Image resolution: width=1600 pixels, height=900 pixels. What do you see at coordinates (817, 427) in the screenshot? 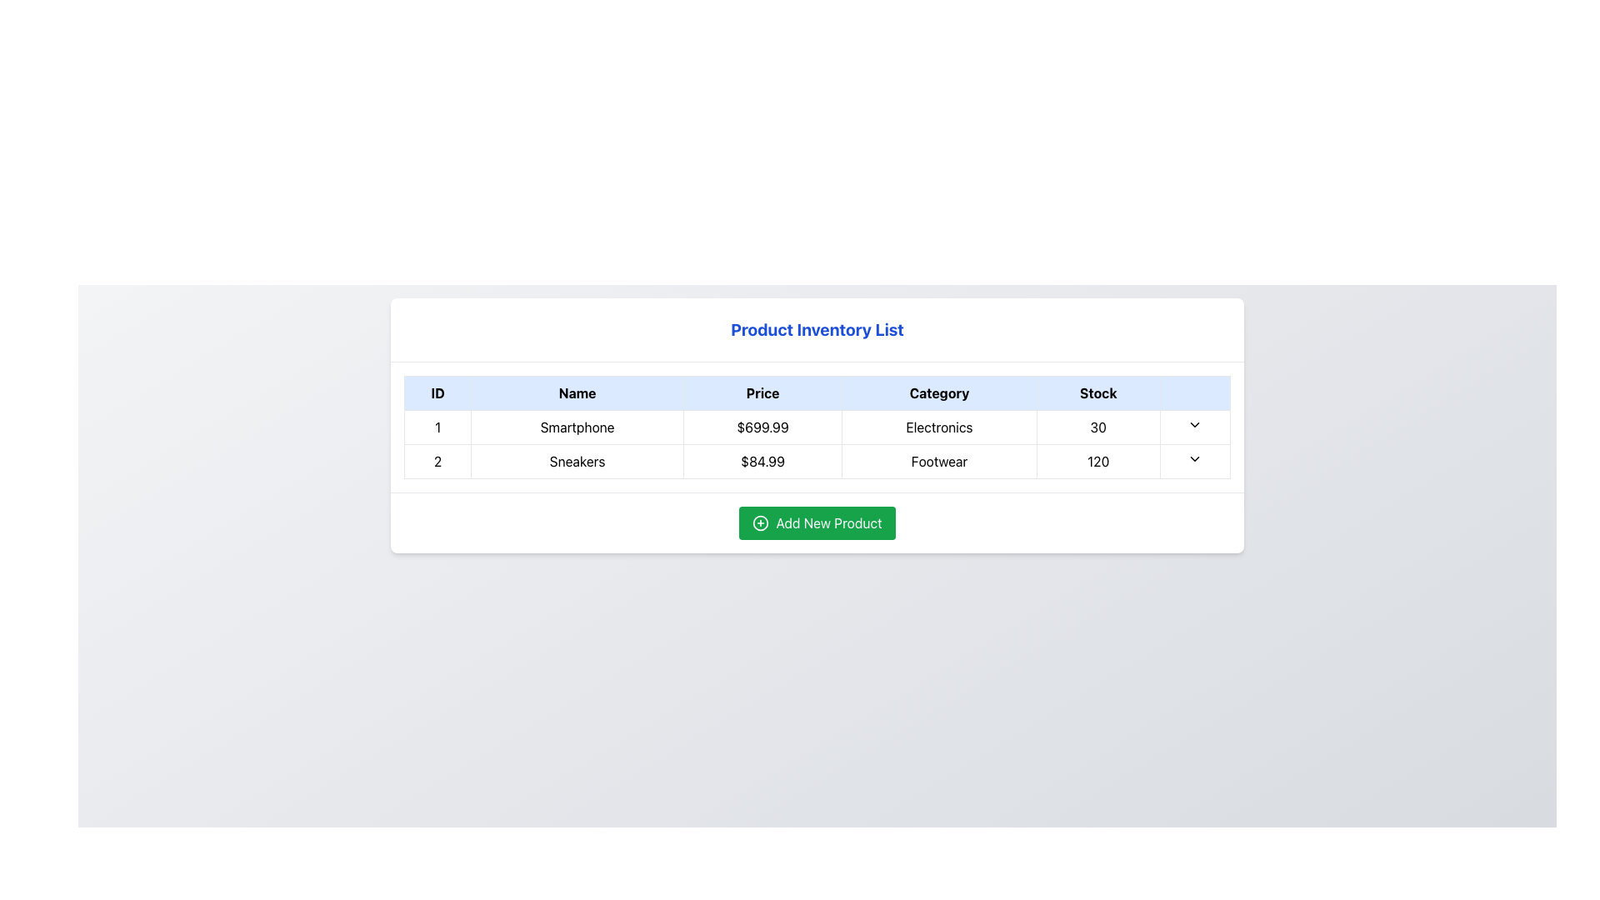
I see `the first row in the product inventory list for further action` at bounding box center [817, 427].